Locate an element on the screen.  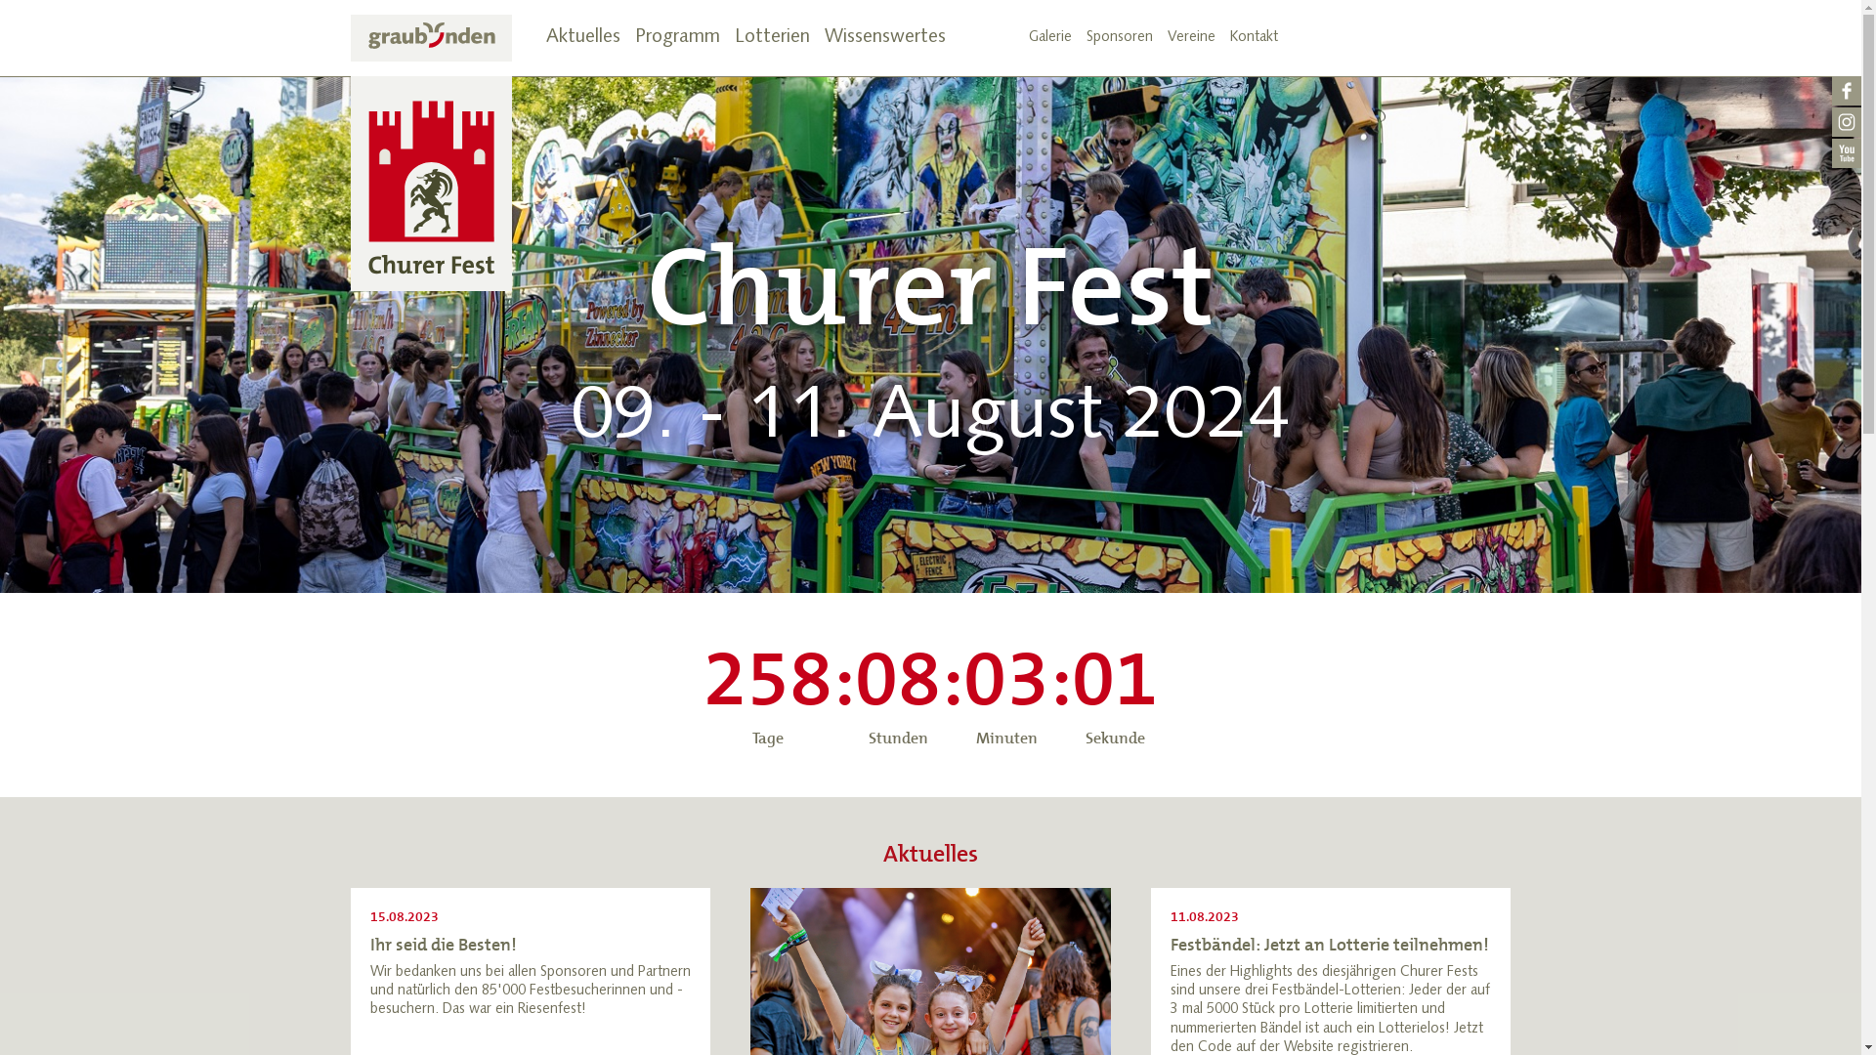
'Folge uns auf Instagram' is located at coordinates (1846, 123).